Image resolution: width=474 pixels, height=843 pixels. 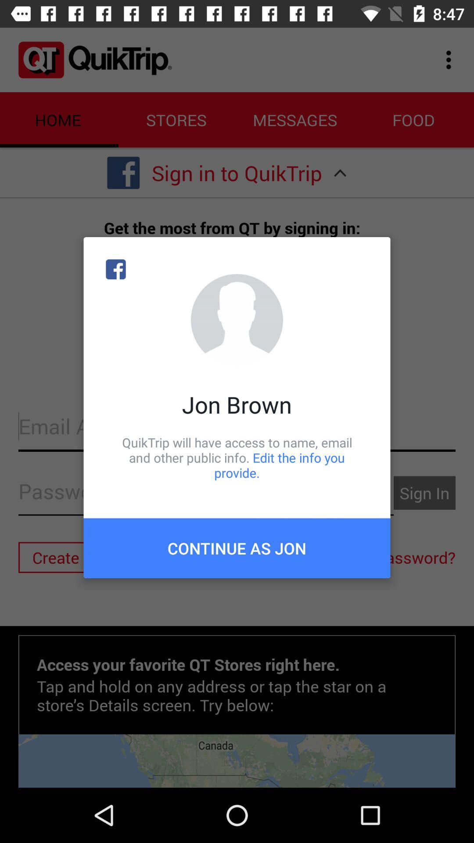 What do you see at coordinates (237, 548) in the screenshot?
I see `the continue as jon` at bounding box center [237, 548].